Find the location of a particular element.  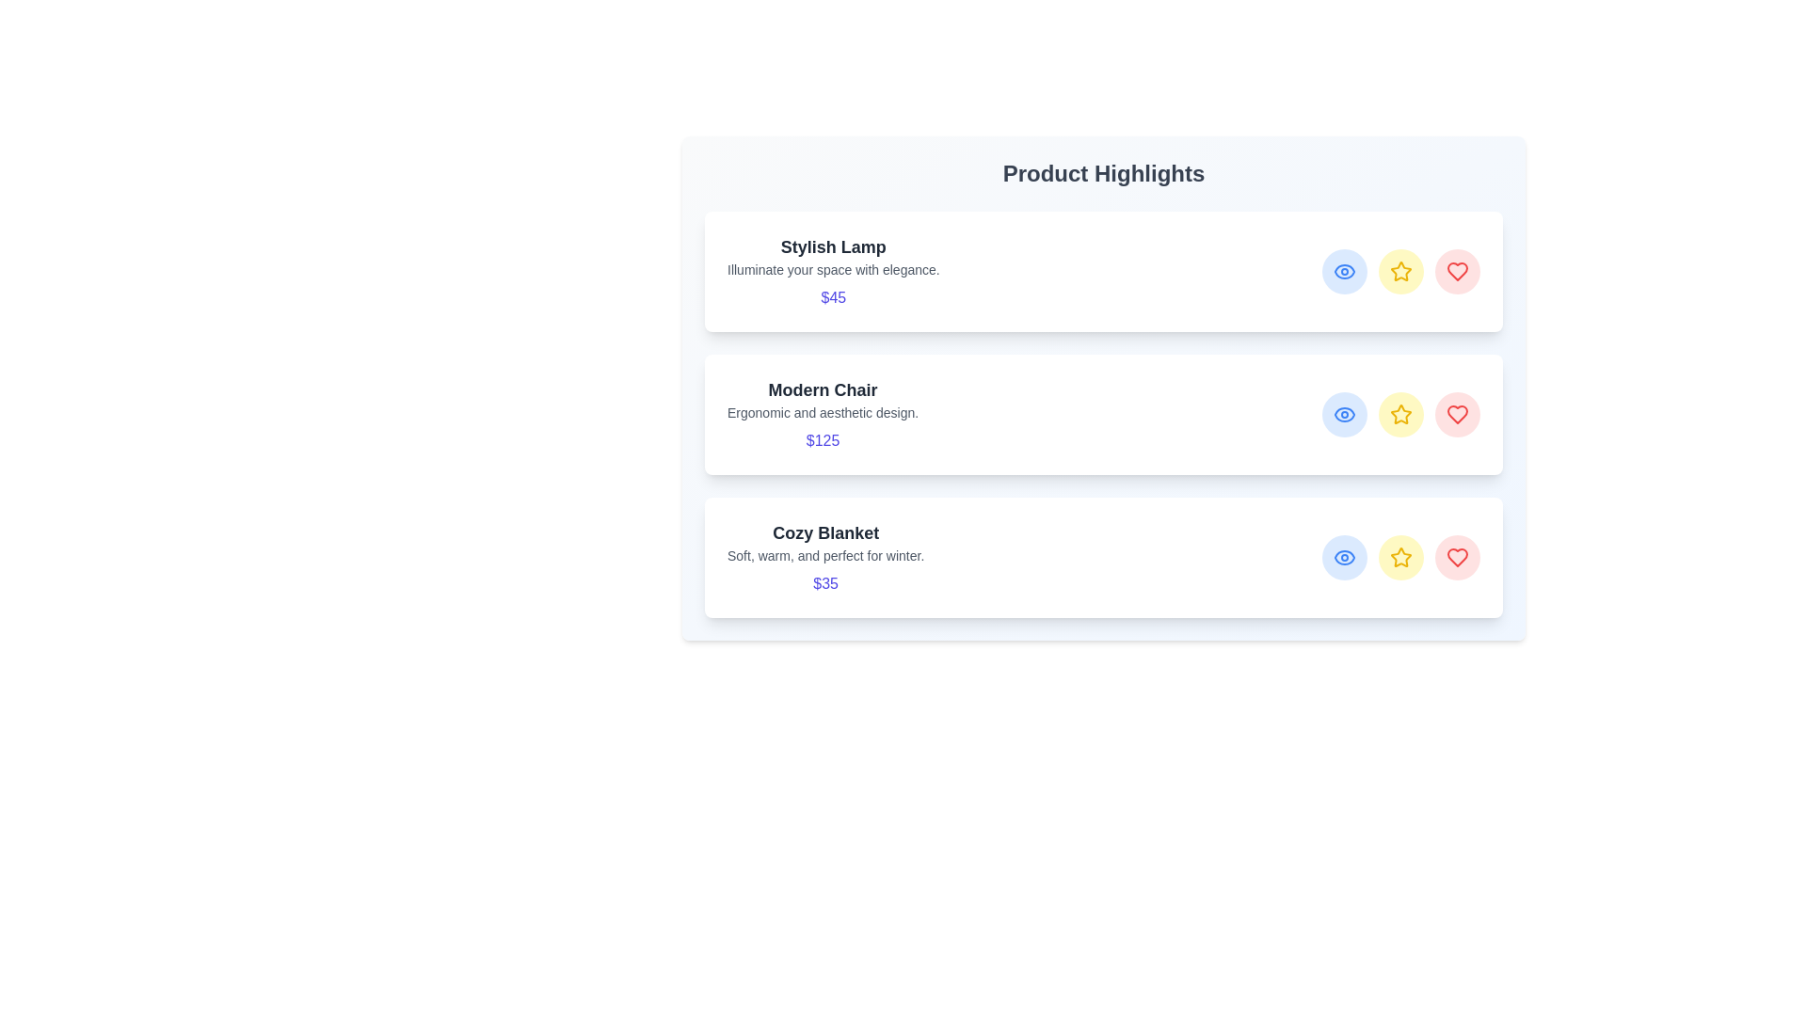

star icon for the product titled Stylish Lamp to mark it as a favorite is located at coordinates (1400, 272).